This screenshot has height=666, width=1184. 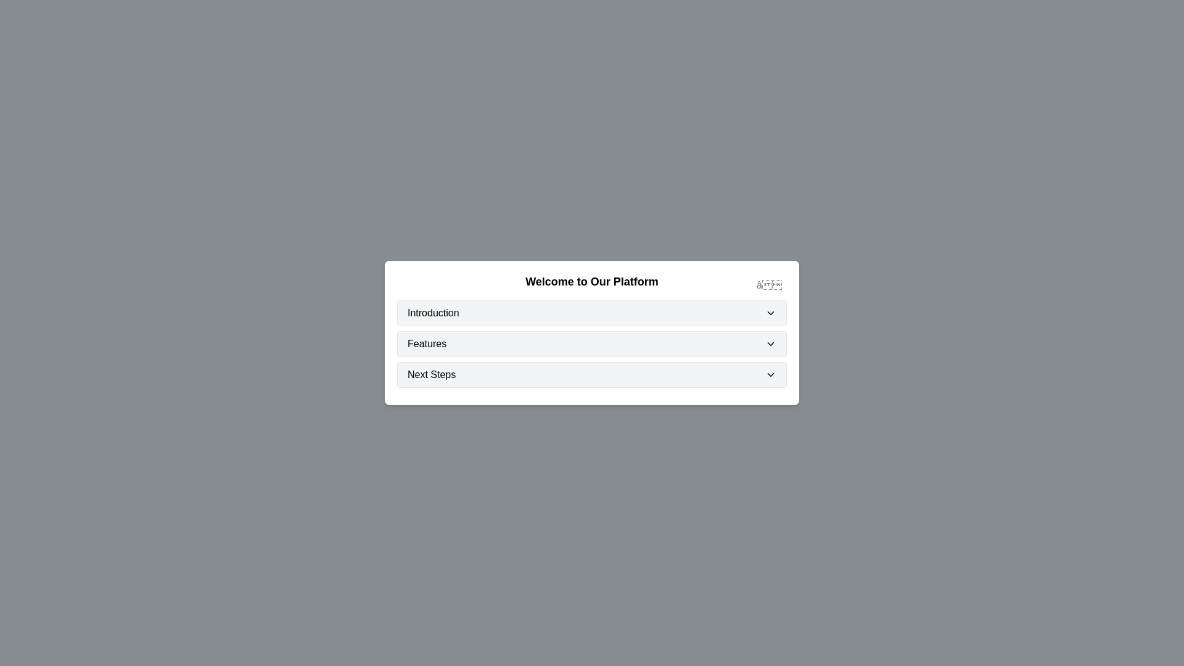 I want to click on the small downward-pointing chevron icon located to the far right of the 'Features' text in the second list item of the vertically stacked menu, so click(x=770, y=344).